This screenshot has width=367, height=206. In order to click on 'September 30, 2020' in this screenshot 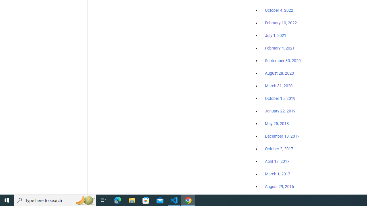, I will do `click(283, 61)`.